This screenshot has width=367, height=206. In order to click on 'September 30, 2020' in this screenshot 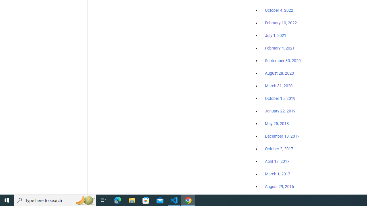, I will do `click(283, 61)`.